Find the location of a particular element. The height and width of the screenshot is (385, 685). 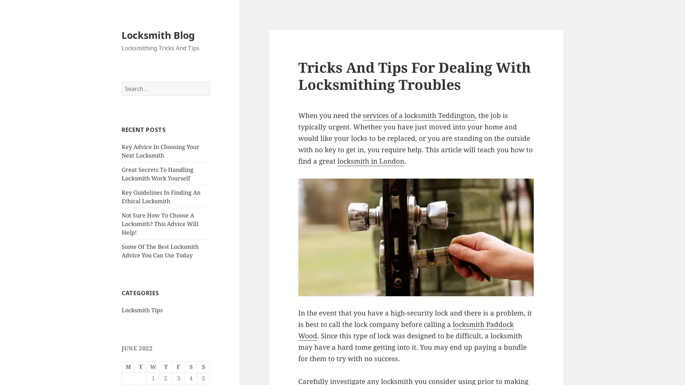

Search is located at coordinates (209, 81).